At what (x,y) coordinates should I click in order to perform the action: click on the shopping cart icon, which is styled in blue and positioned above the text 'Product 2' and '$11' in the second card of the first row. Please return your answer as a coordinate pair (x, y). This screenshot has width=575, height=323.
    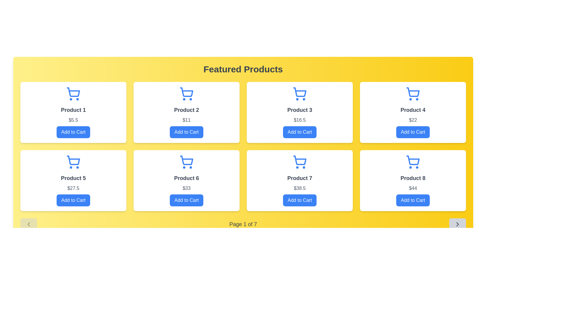
    Looking at the image, I should click on (186, 94).